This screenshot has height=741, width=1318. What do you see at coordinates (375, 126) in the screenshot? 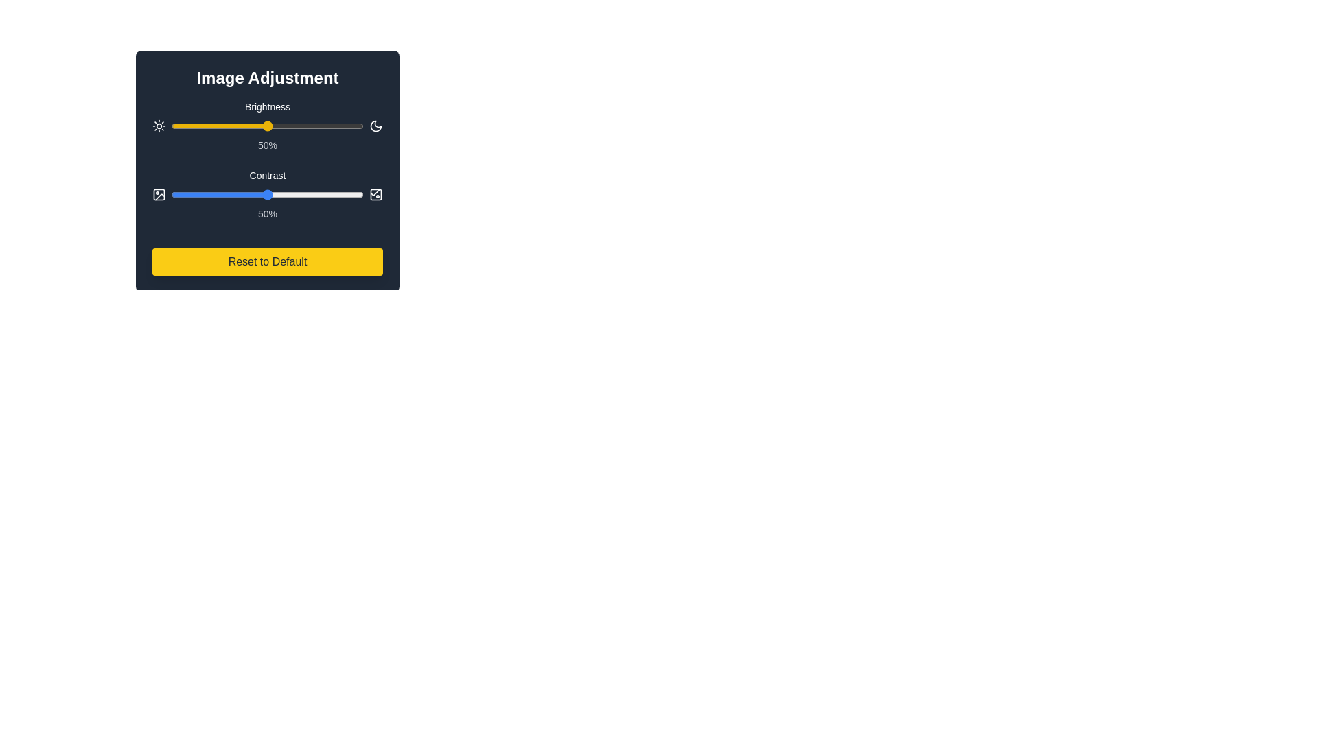
I see `the crescent moon icon on the right side of the interface` at bounding box center [375, 126].